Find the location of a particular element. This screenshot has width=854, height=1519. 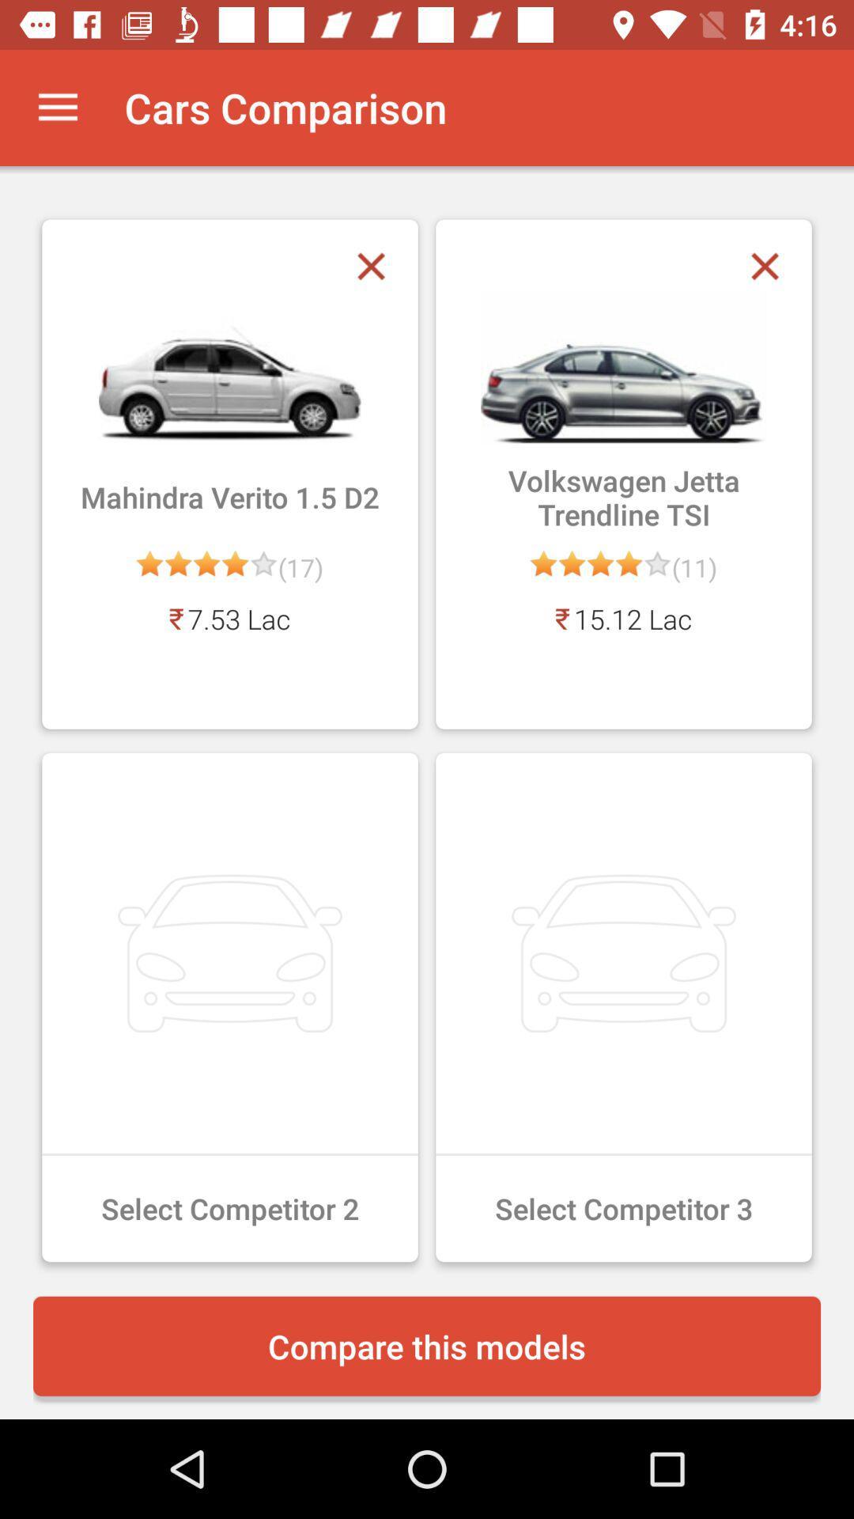

compare this models icon is located at coordinates (427, 1345).